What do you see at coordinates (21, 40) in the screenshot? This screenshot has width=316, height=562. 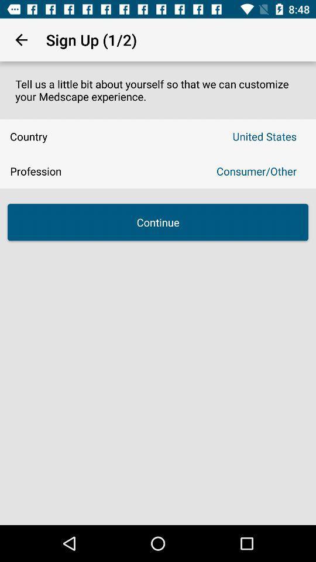 I see `item next to the sign up 1 app` at bounding box center [21, 40].